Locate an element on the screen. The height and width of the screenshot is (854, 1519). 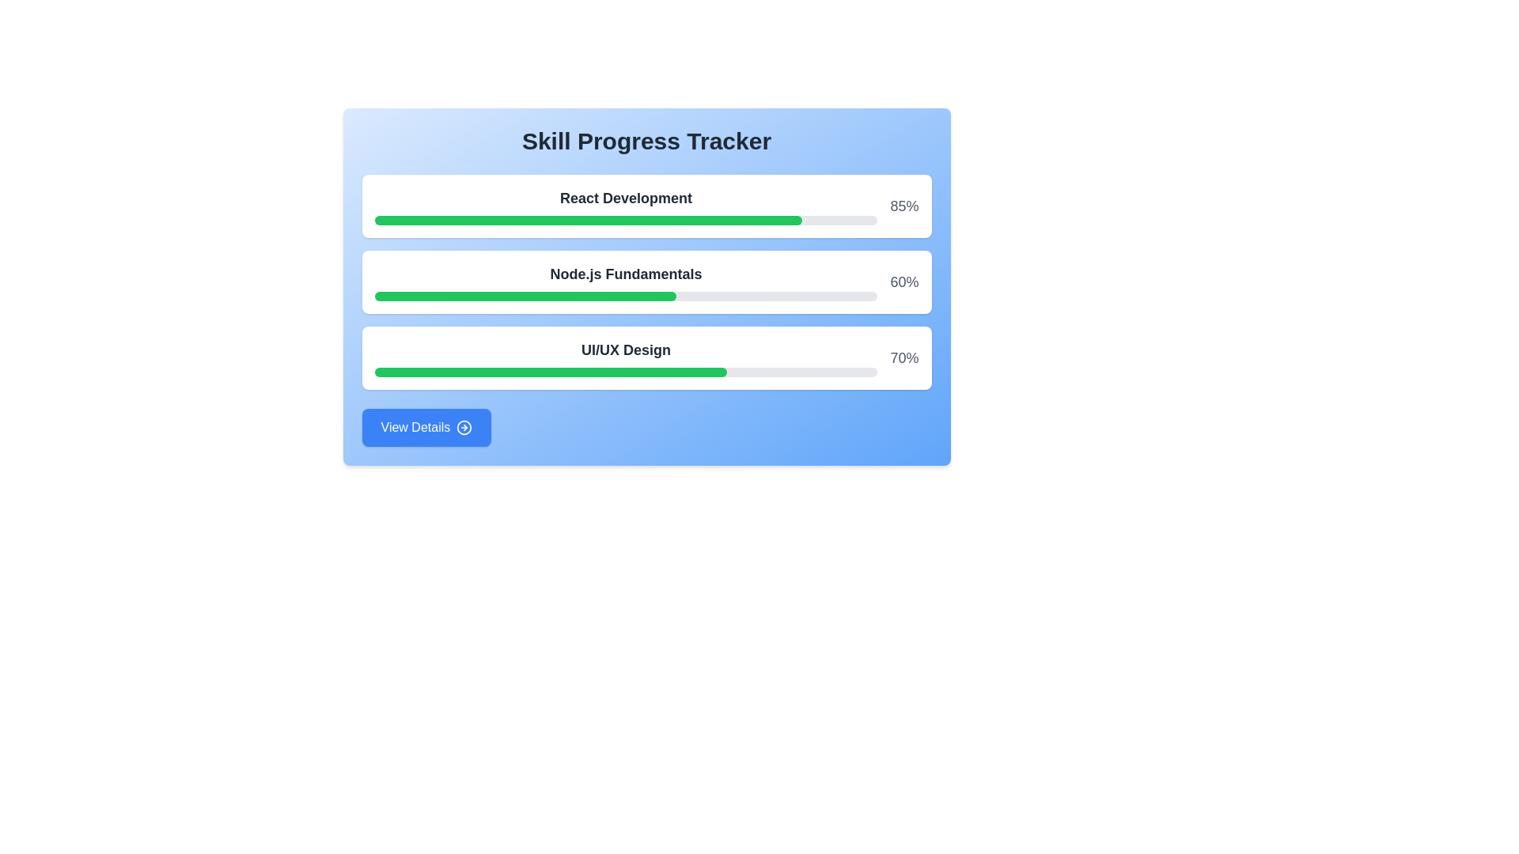
the green progress bar segment indicating 85% completion under 'React Development' in the skill tracker interface is located at coordinates (587, 220).